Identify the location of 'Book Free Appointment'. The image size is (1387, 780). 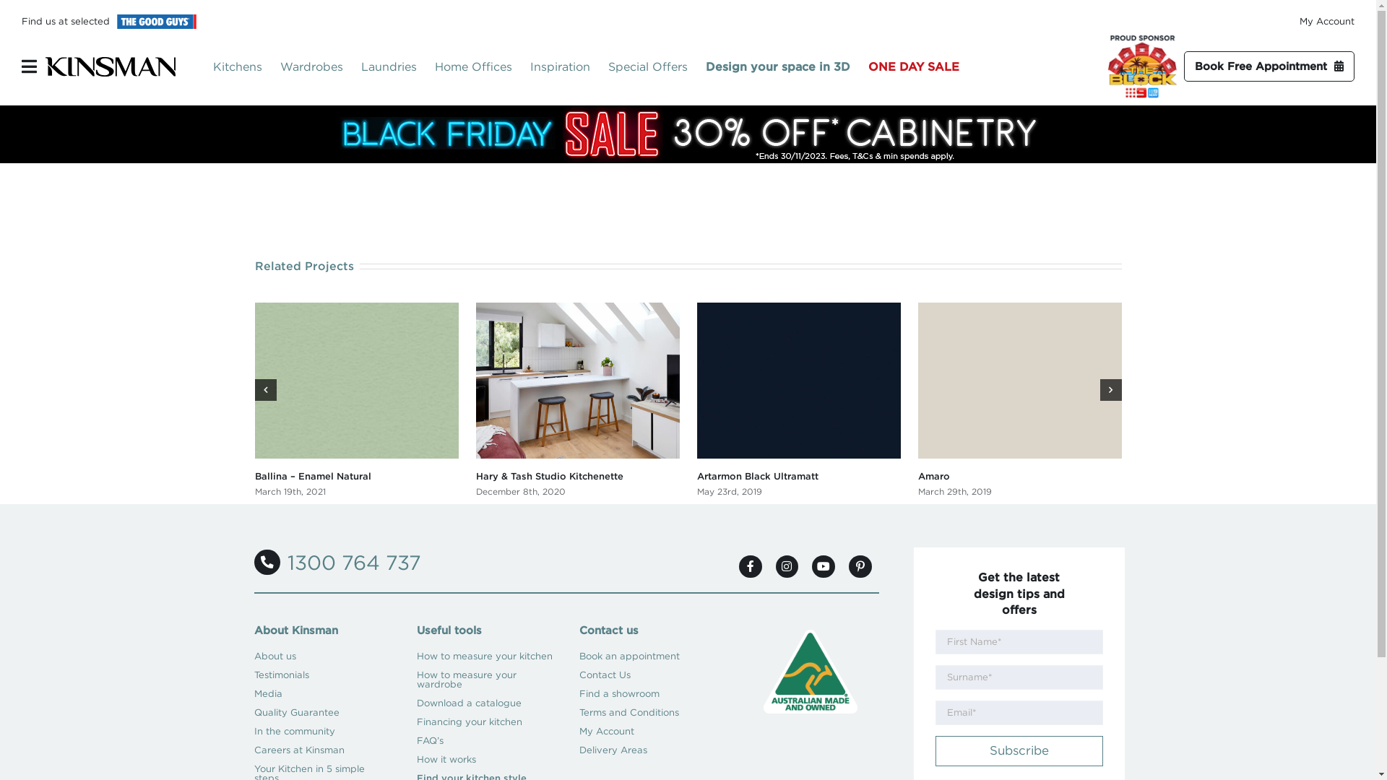
(1268, 66).